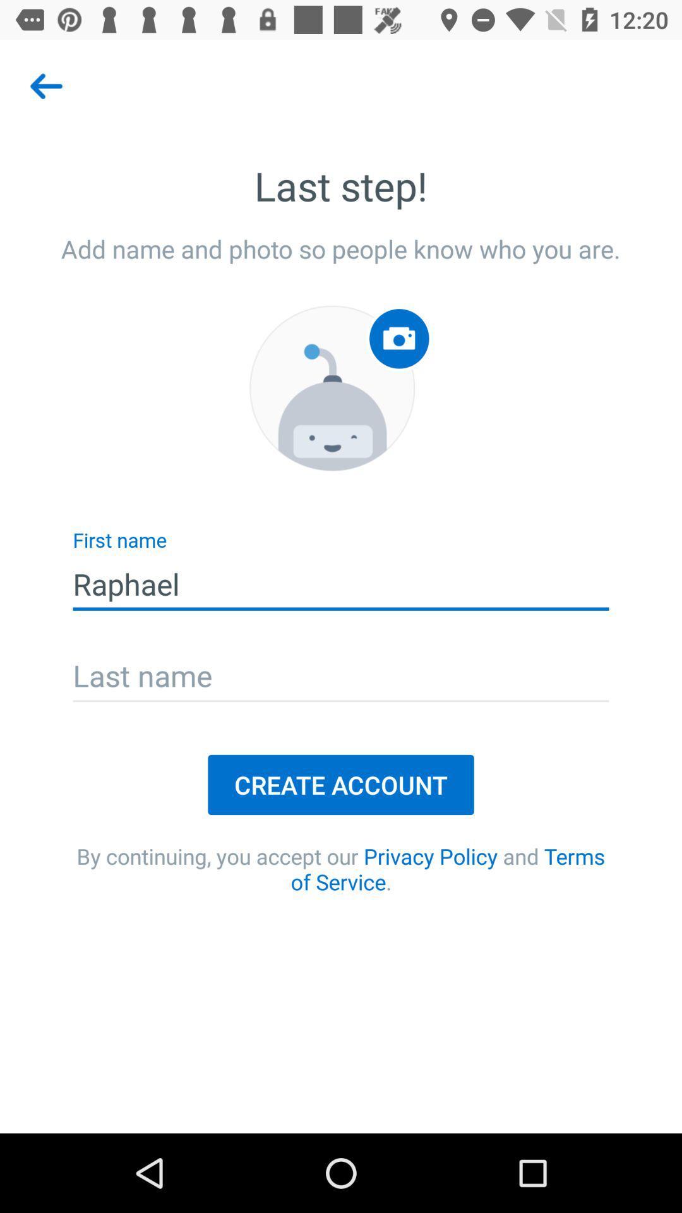 The width and height of the screenshot is (682, 1213). What do you see at coordinates (332, 387) in the screenshot?
I see `icon below add name and item` at bounding box center [332, 387].